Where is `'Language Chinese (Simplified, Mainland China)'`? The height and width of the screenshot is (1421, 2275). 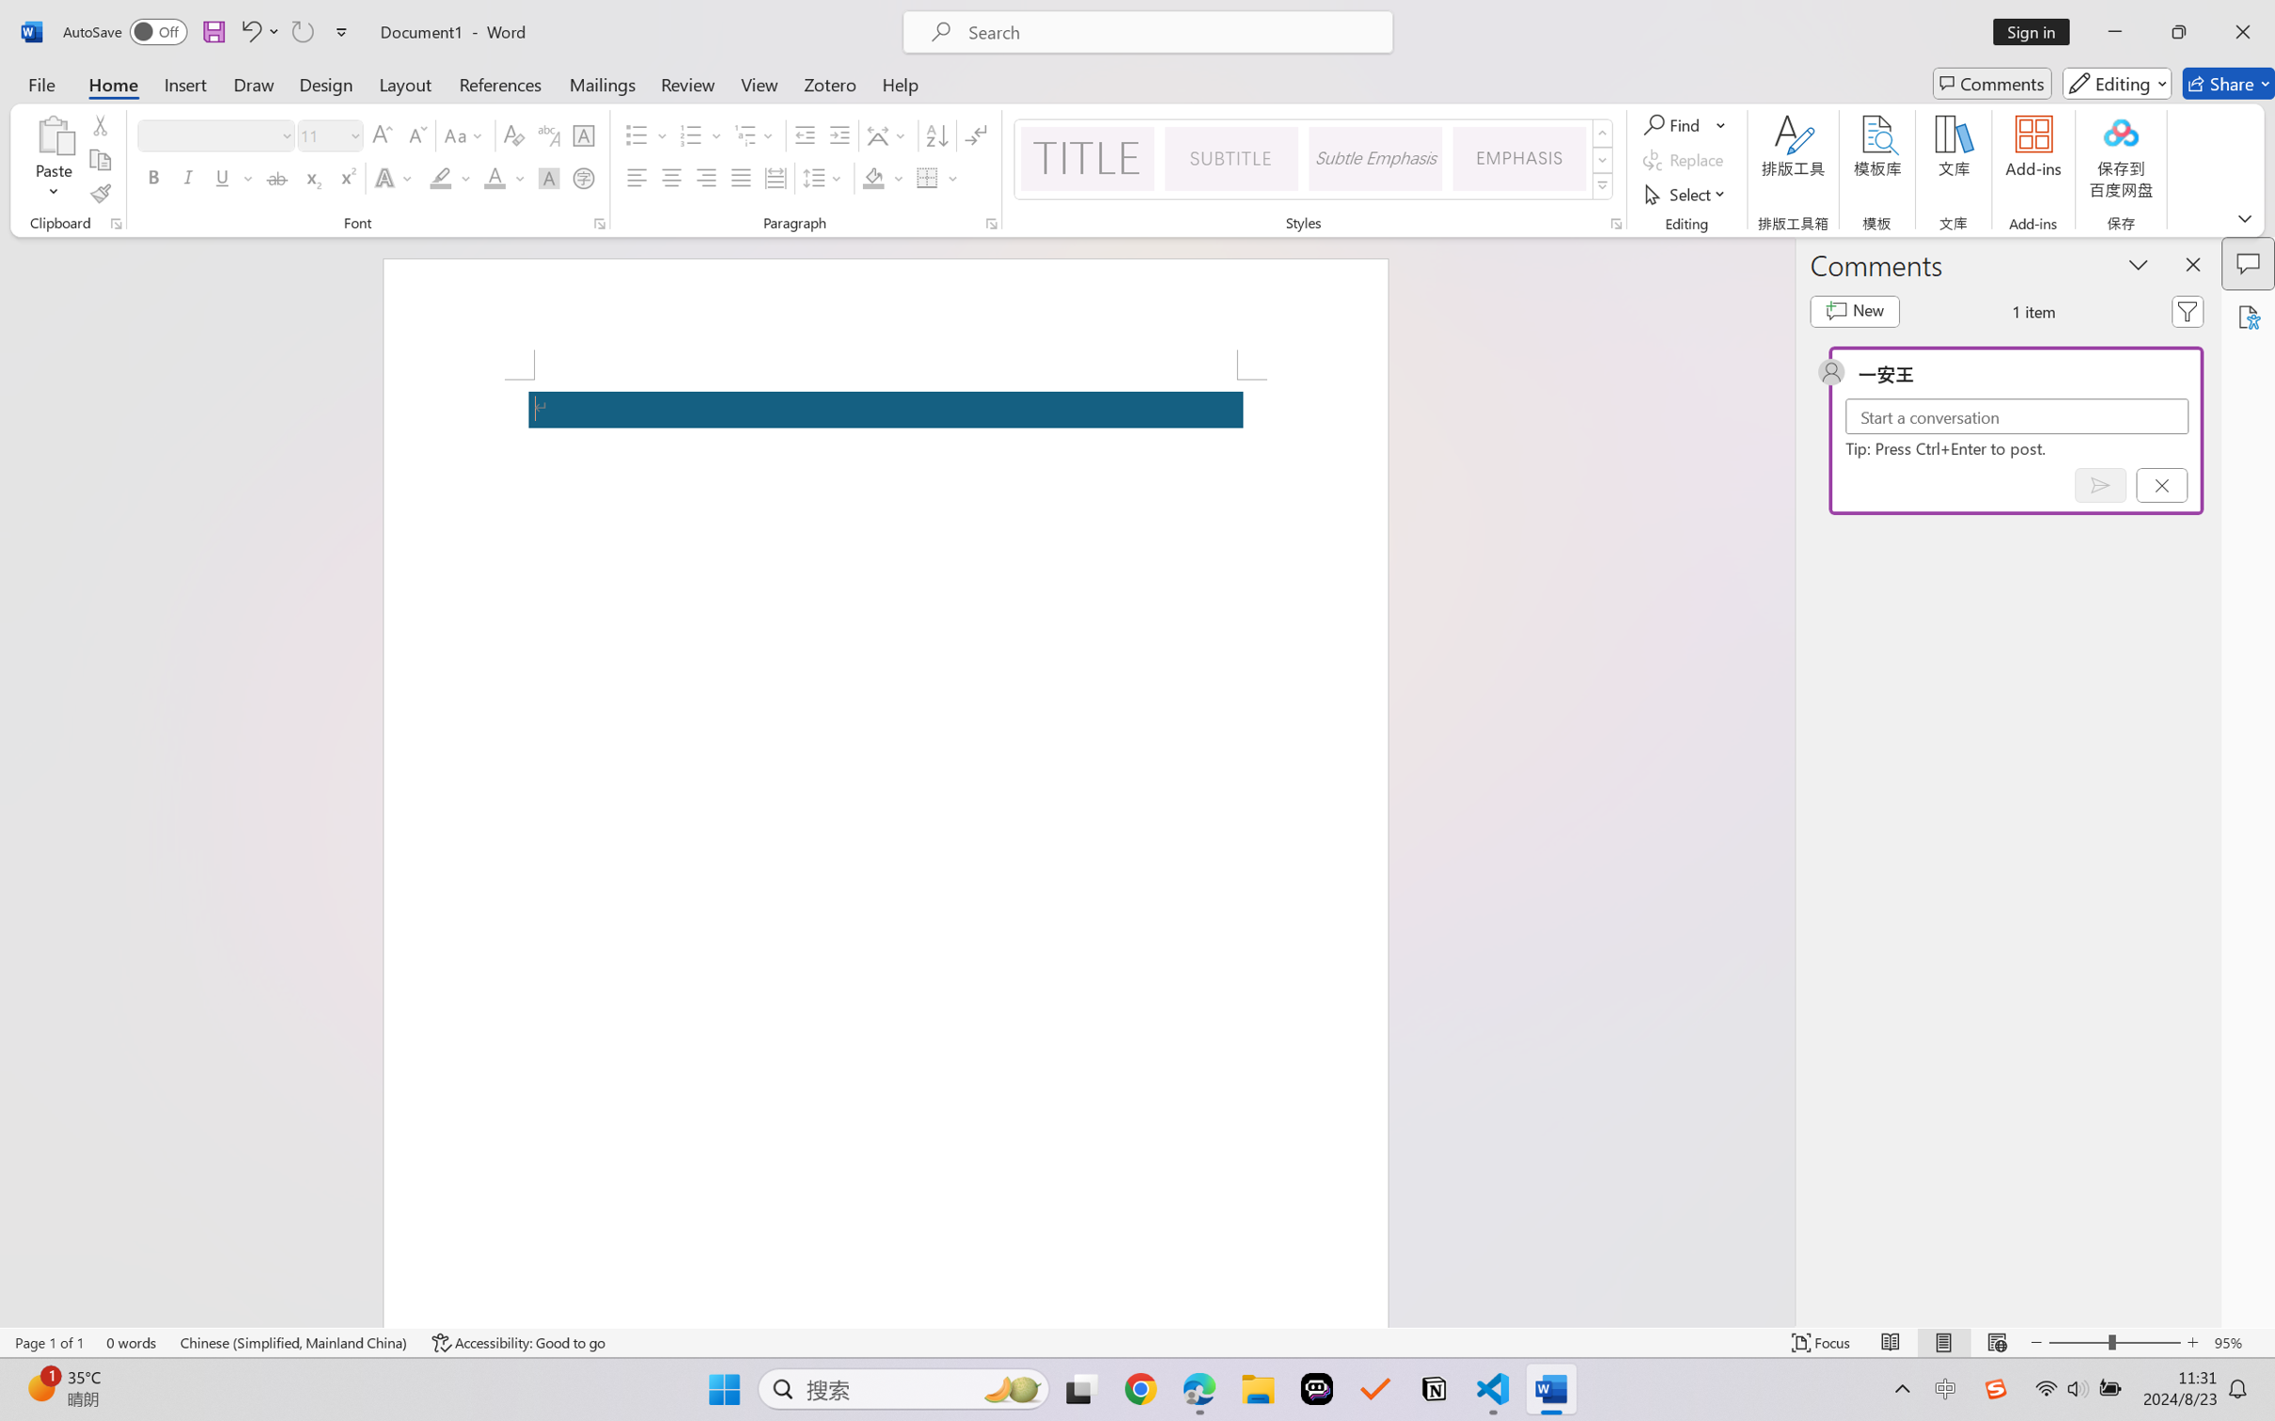 'Language Chinese (Simplified, Mainland China)' is located at coordinates (294, 1342).